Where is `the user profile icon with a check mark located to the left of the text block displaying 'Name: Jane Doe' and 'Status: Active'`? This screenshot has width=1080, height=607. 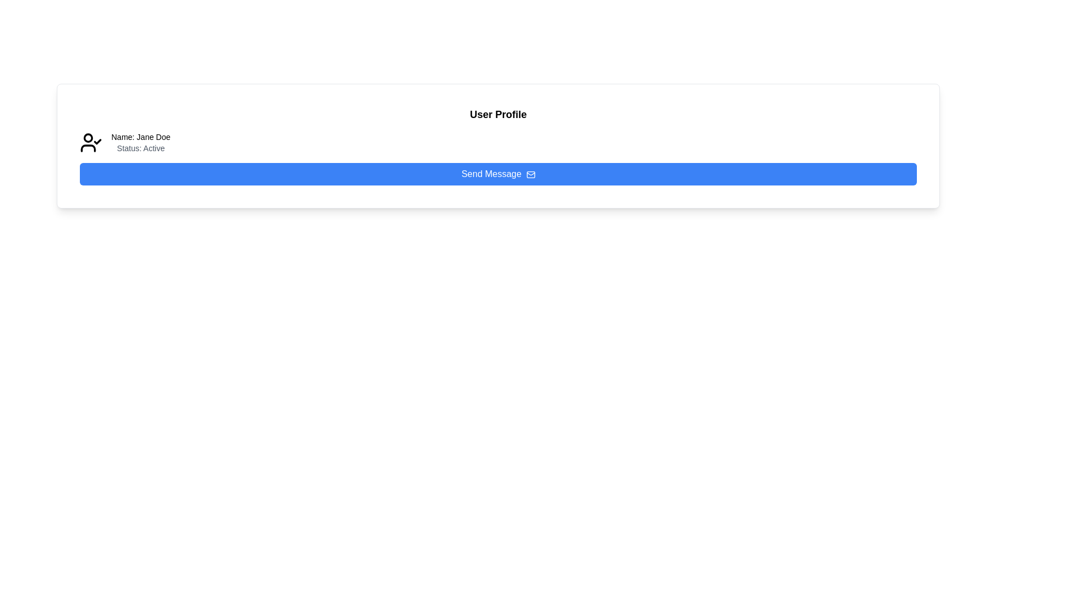
the user profile icon with a check mark located to the left of the text block displaying 'Name: Jane Doe' and 'Status: Active' is located at coordinates (91, 142).